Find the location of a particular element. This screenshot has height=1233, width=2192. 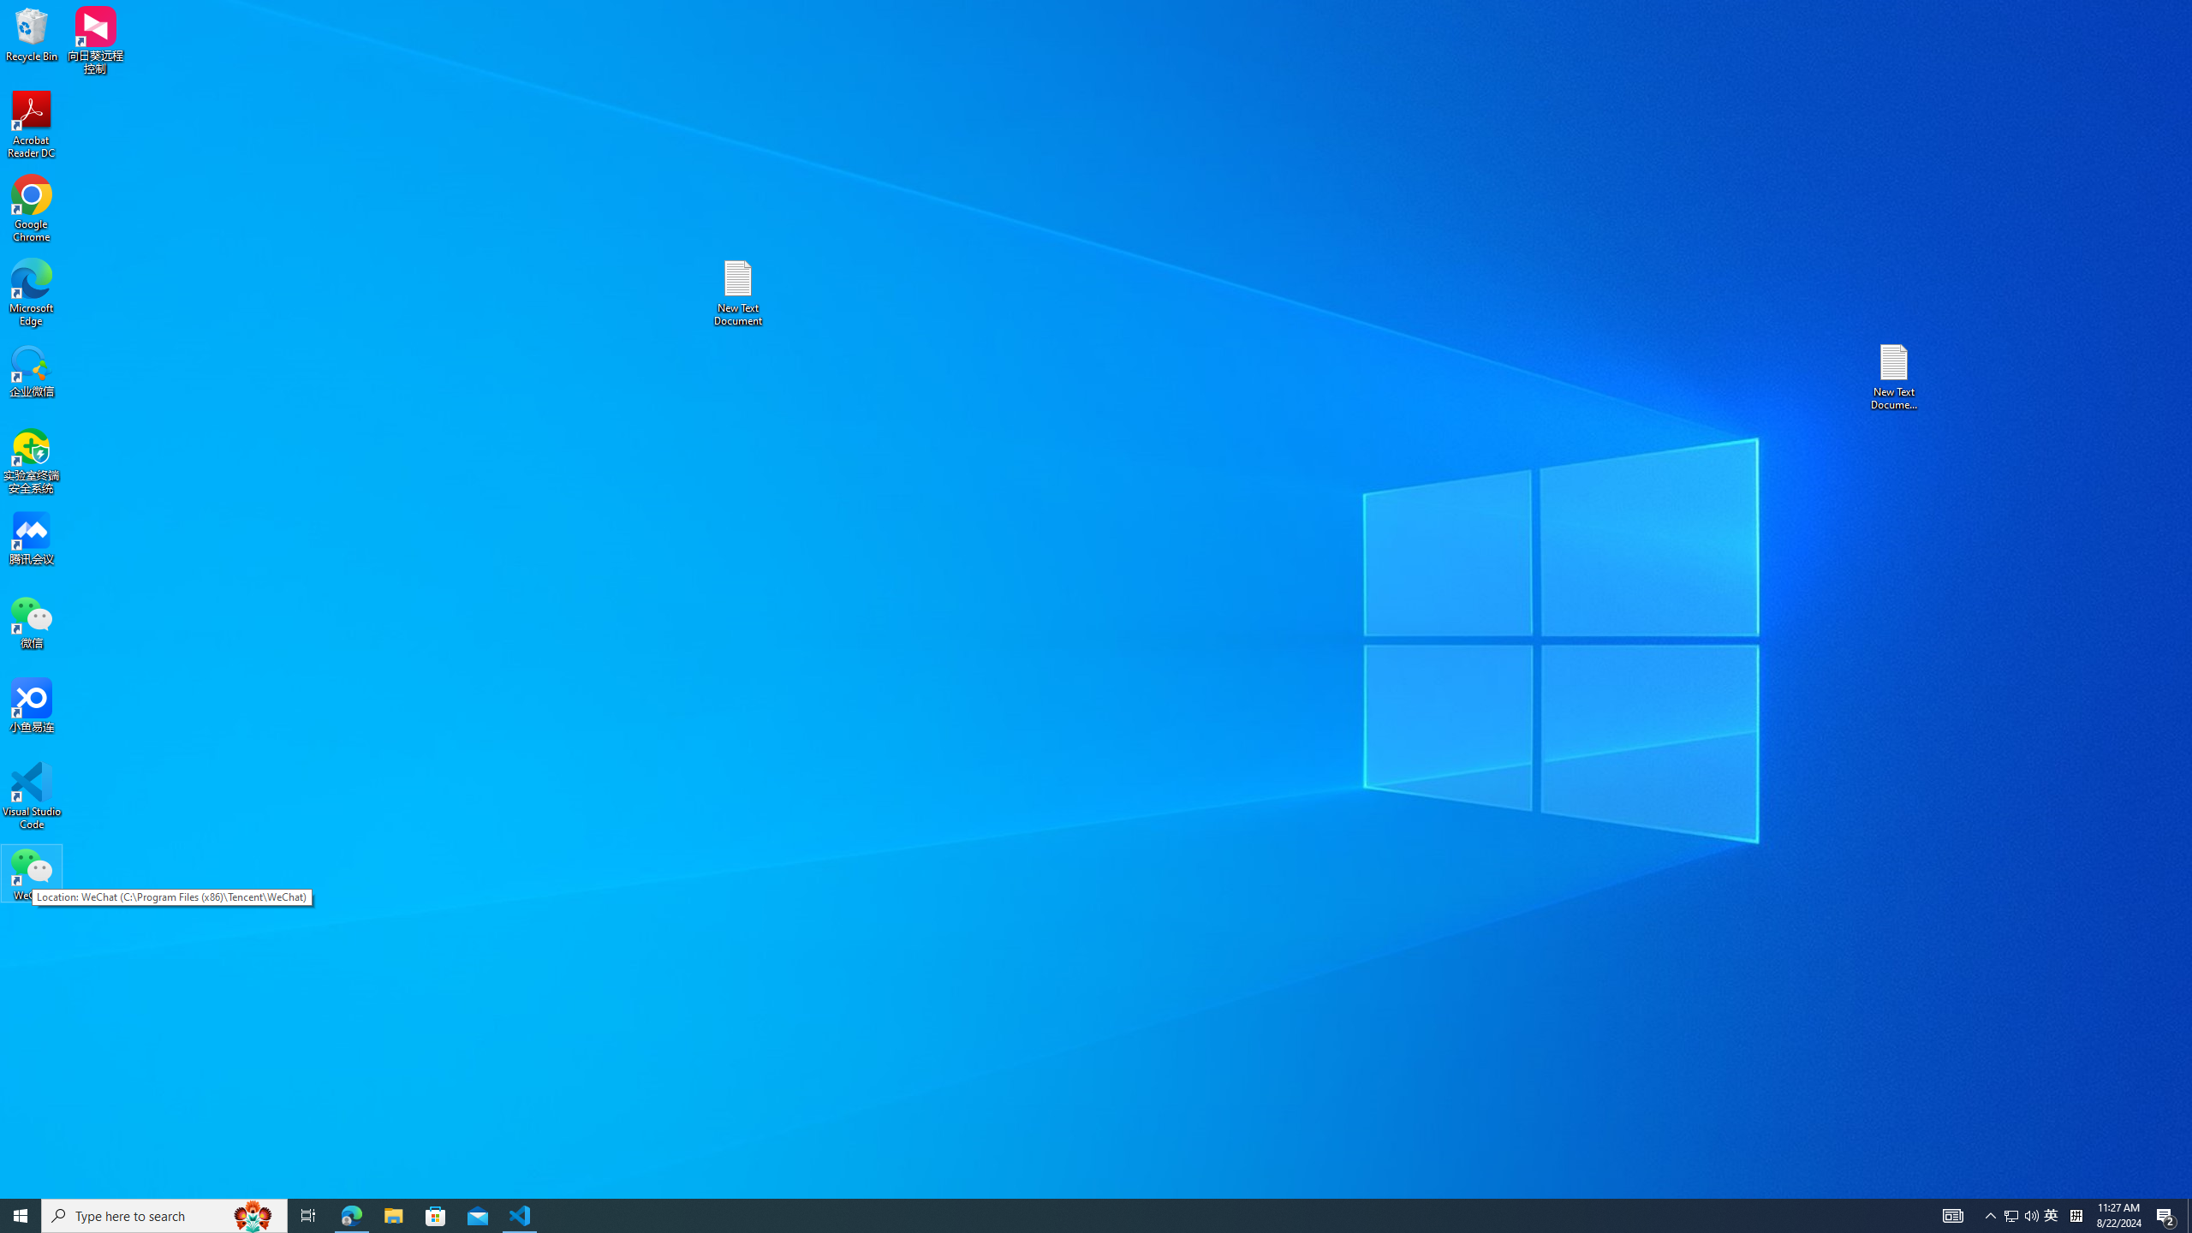

'Microsoft Store' is located at coordinates (436, 1214).